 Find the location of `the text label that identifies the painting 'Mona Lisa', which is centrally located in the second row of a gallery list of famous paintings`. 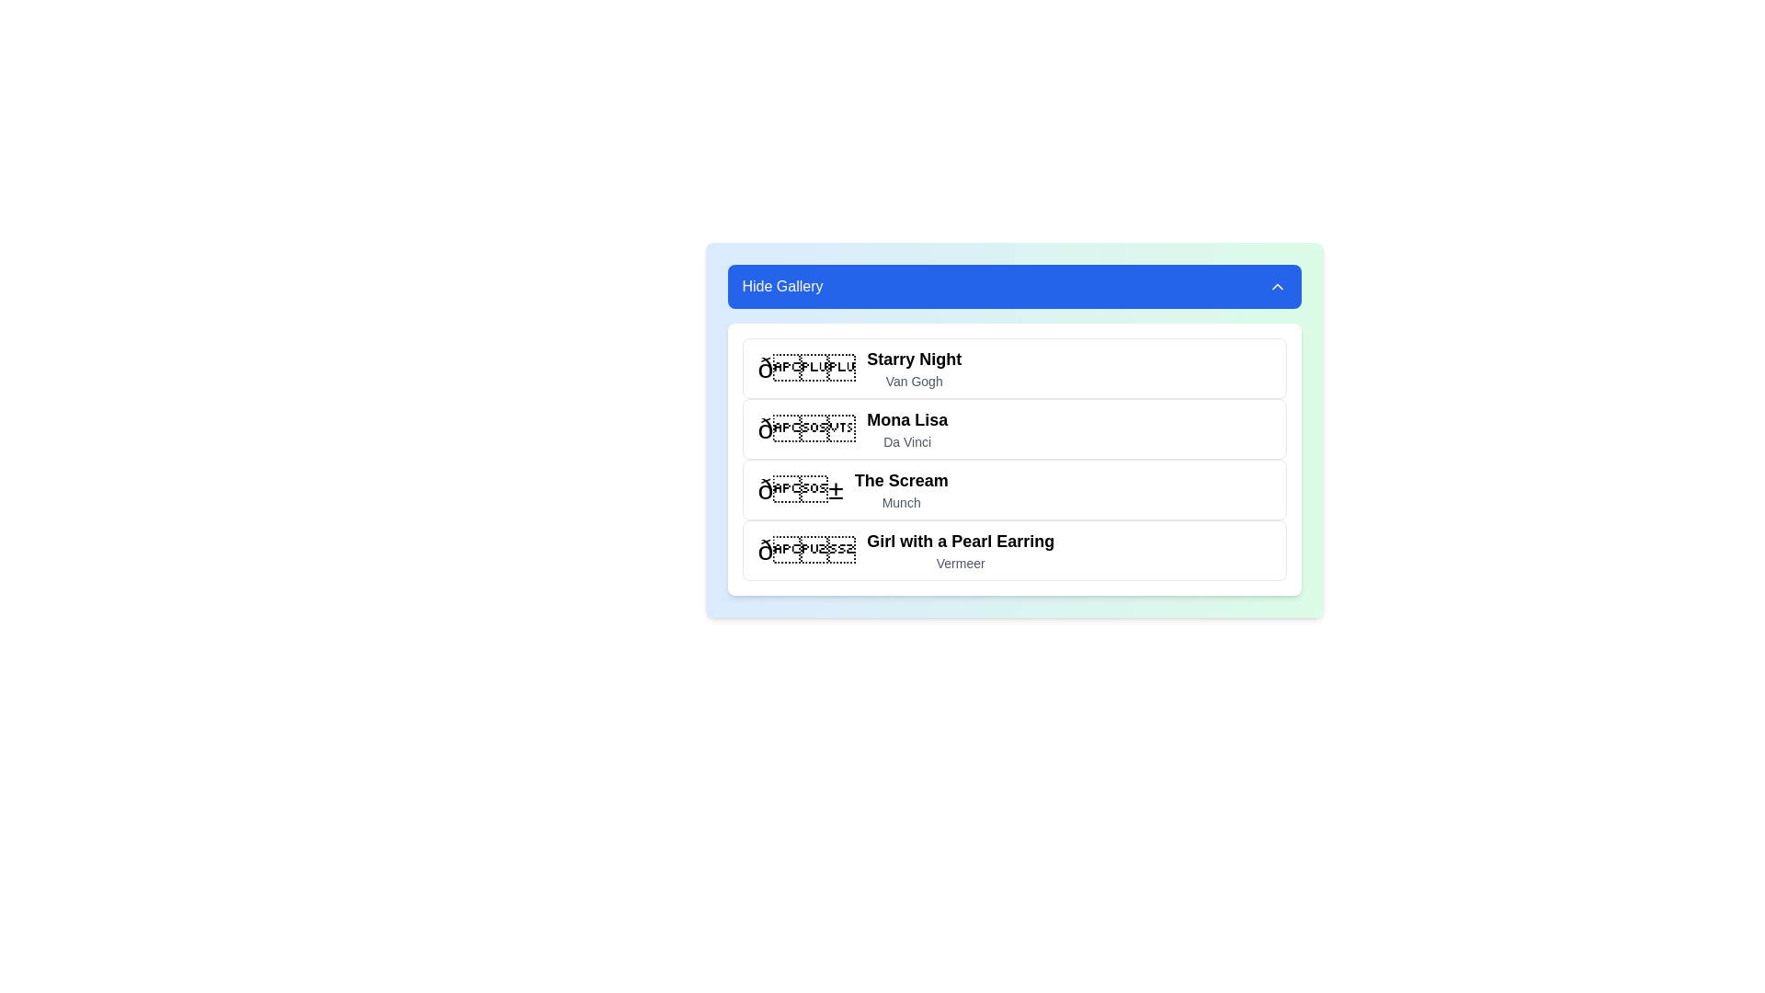

the text label that identifies the painting 'Mona Lisa', which is centrally located in the second row of a gallery list of famous paintings is located at coordinates (907, 419).